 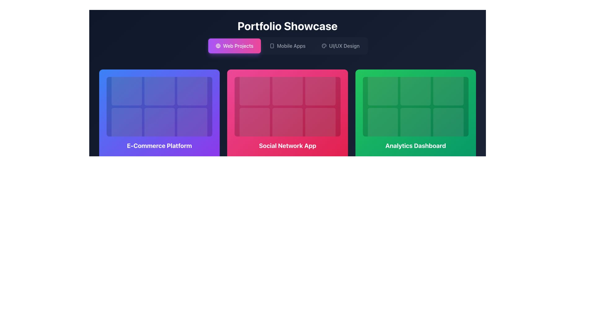 I want to click on the clickable card representing the 'Social Network App' project, located in the middle column of the grid layout, so click(x=287, y=120).